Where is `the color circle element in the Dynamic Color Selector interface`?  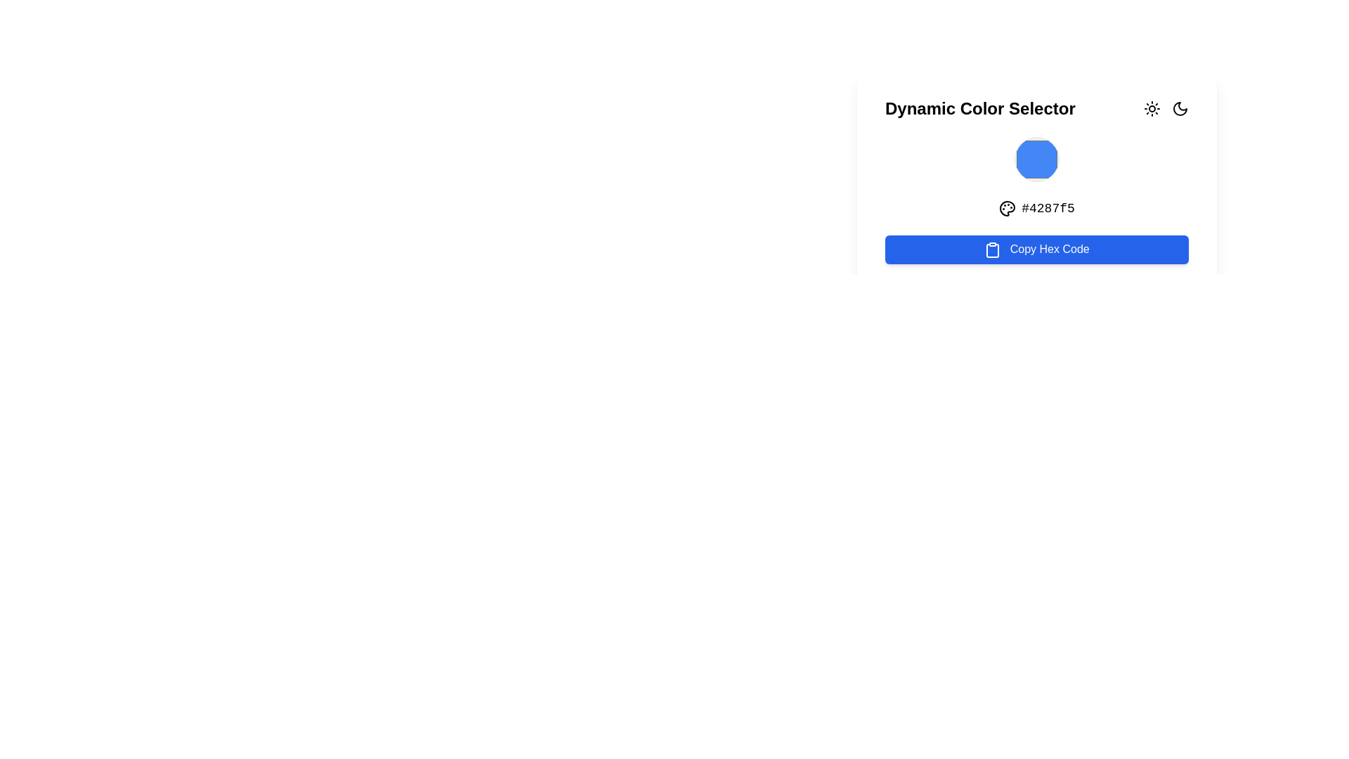
the color circle element in the Dynamic Color Selector interface is located at coordinates (1037, 162).